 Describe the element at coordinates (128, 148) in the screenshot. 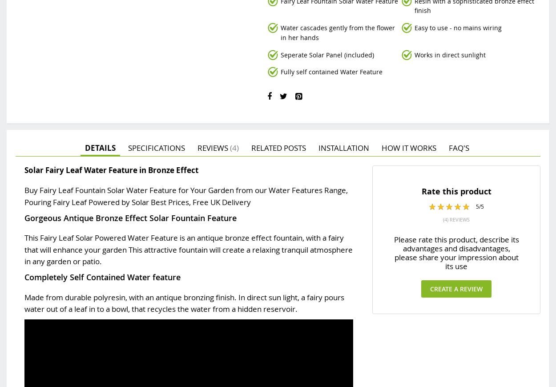

I see `'Specifications'` at that location.